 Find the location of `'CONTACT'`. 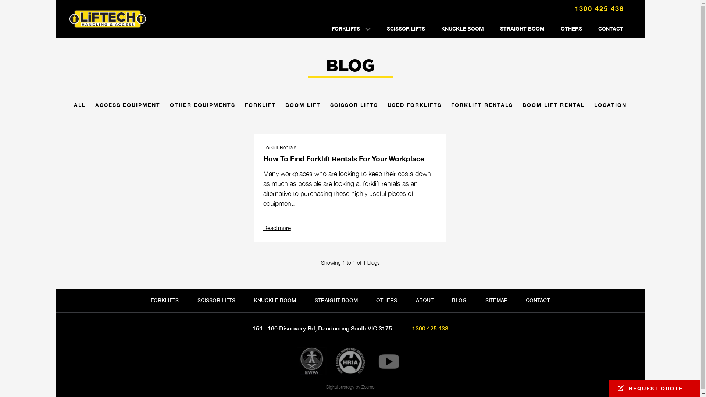

'CONTACT' is located at coordinates (610, 28).